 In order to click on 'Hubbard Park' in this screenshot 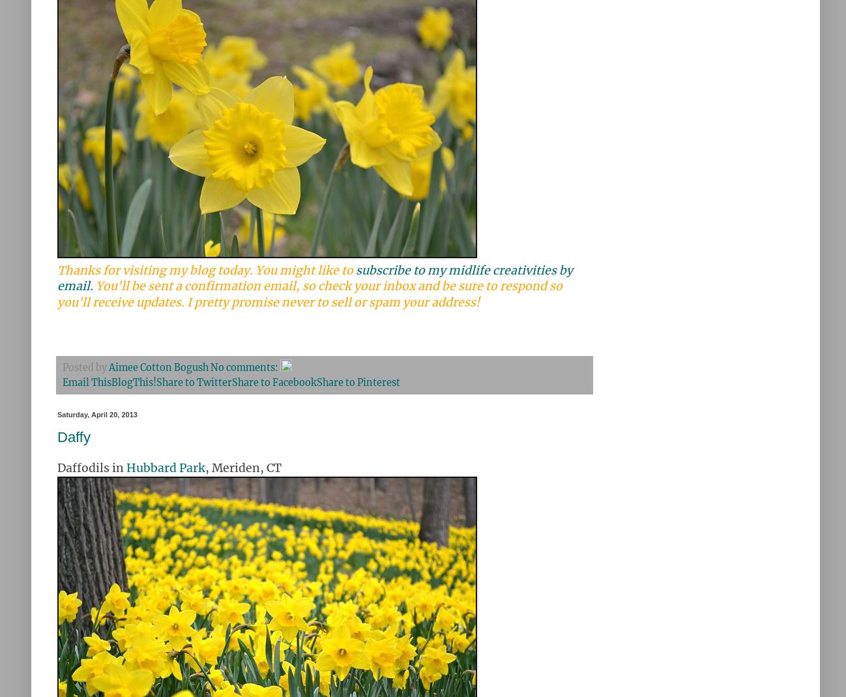, I will do `click(166, 466)`.